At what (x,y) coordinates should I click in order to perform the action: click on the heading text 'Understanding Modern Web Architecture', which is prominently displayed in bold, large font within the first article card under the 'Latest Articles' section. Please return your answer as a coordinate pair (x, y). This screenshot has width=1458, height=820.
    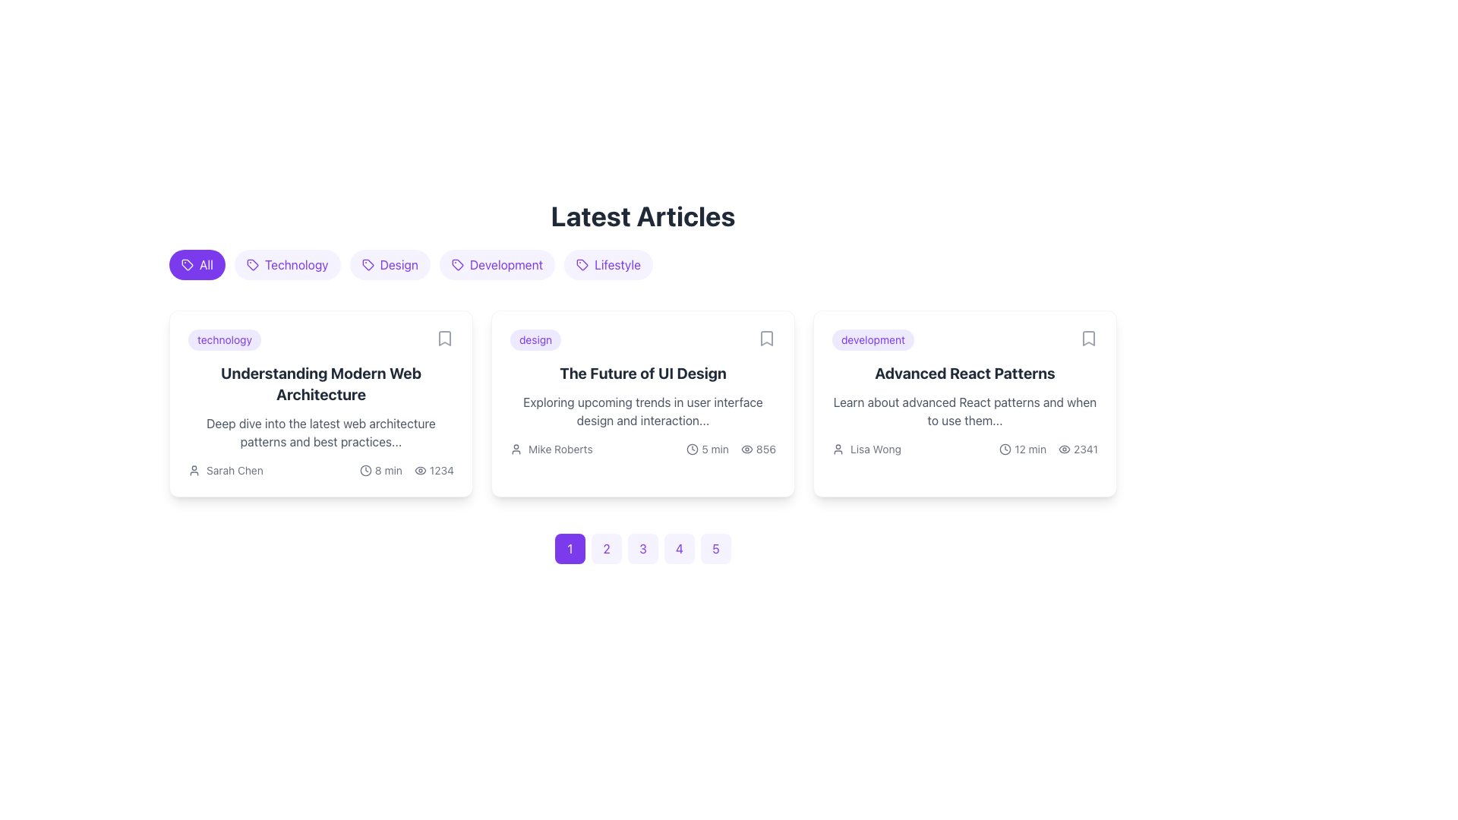
    Looking at the image, I should click on (320, 383).